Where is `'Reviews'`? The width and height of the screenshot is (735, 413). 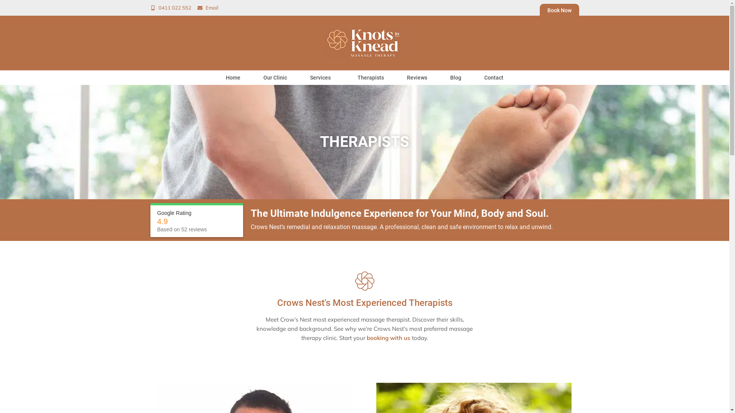 'Reviews' is located at coordinates (416, 78).